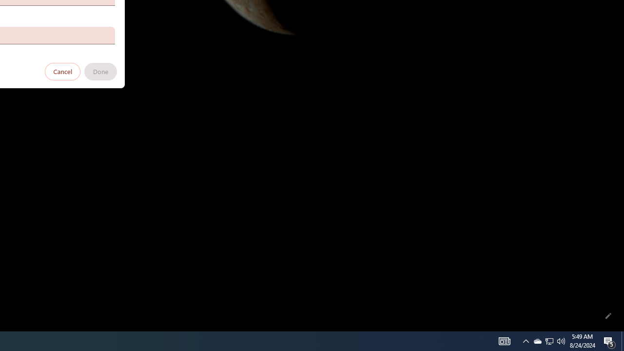 Image resolution: width=624 pixels, height=351 pixels. Describe the element at coordinates (526, 340) in the screenshot. I see `'Notification Chevron'` at that location.